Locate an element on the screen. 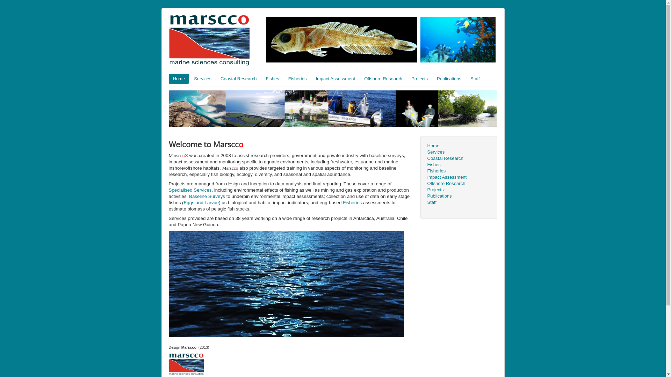 Image resolution: width=671 pixels, height=377 pixels. 'Services' is located at coordinates (202, 79).